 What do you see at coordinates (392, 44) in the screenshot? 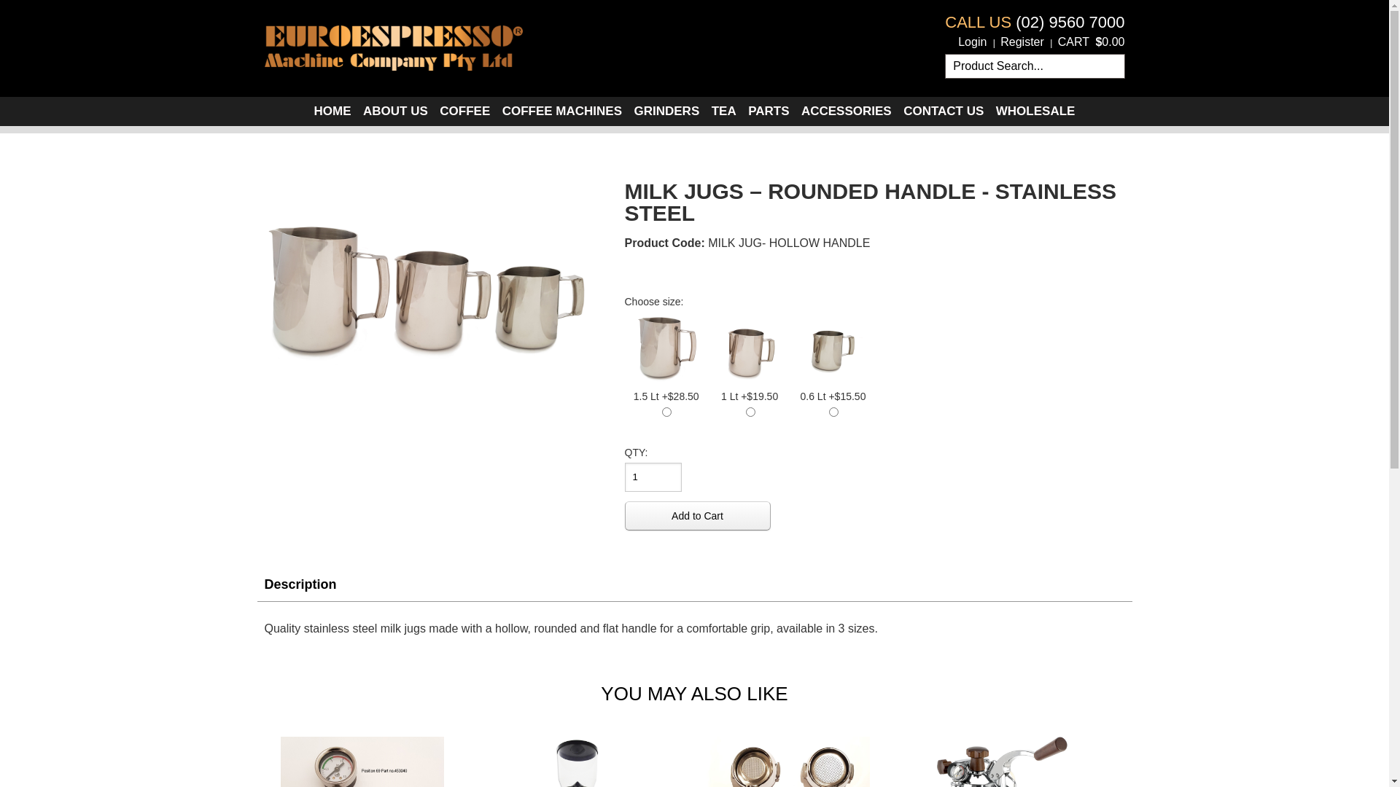
I see `'Euroespresso'` at bounding box center [392, 44].